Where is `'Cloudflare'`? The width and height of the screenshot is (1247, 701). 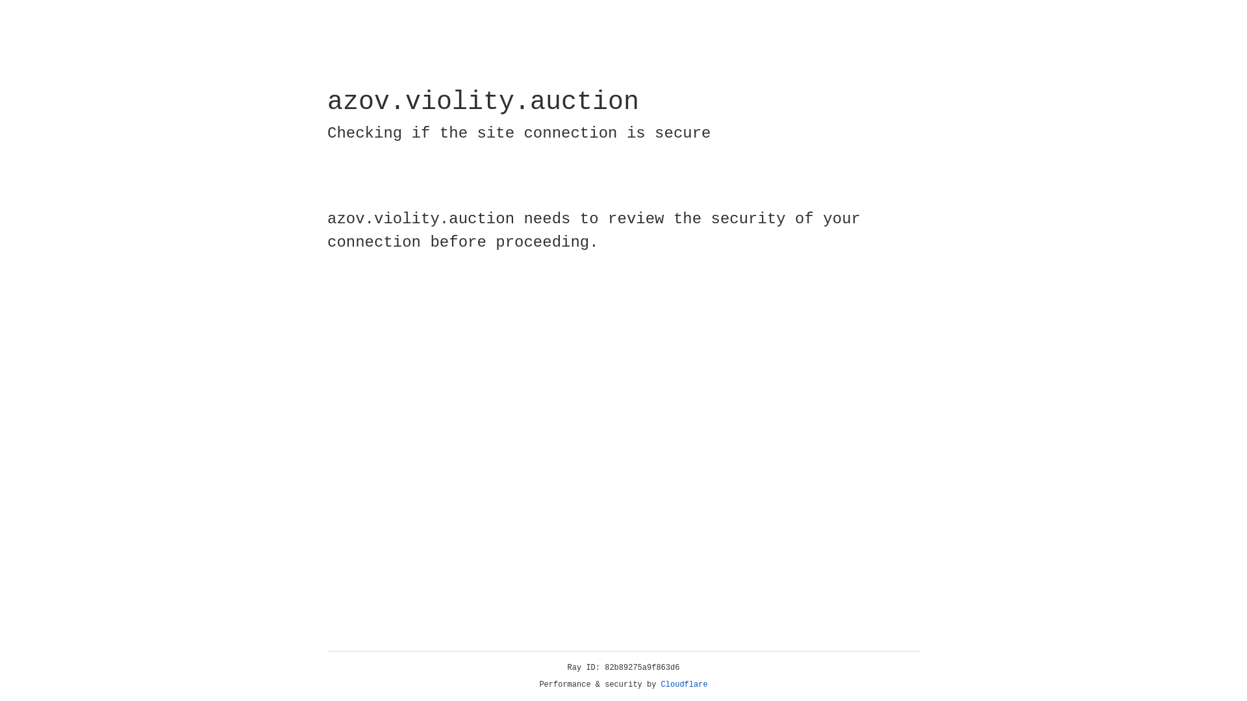 'Cloudflare' is located at coordinates (661, 684).